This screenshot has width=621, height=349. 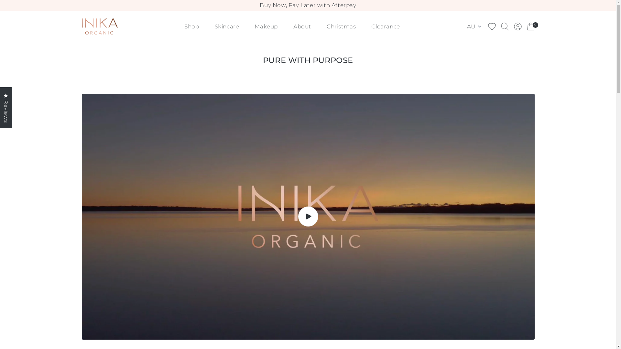 I want to click on 'Search Icon', so click(x=504, y=26).